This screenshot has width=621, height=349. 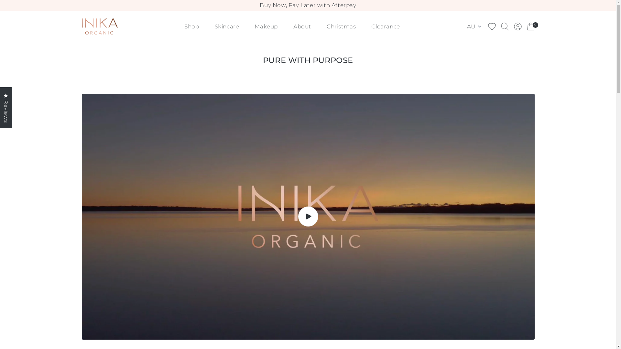 I want to click on 'Search Icon', so click(x=504, y=26).